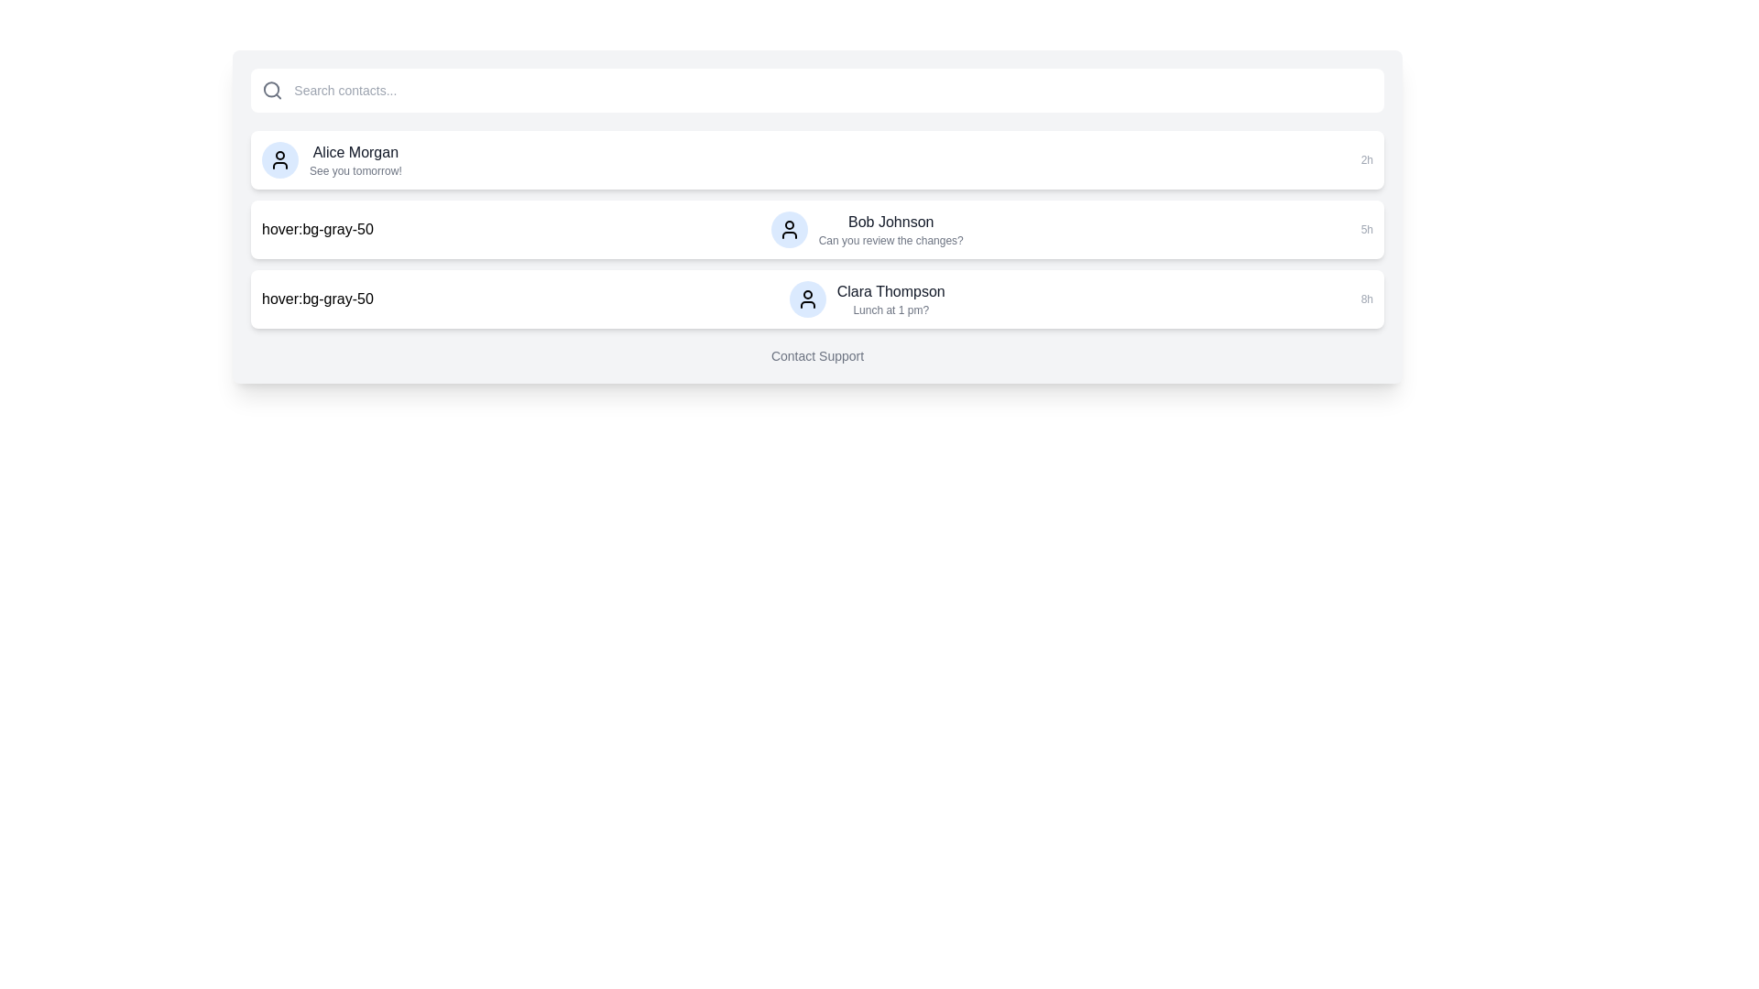  What do you see at coordinates (890, 239) in the screenshot?
I see `the text element displaying 'Can you review the changes?' which is located underneath the bold text 'Bob Johnson' in the second row of a list-like structure` at bounding box center [890, 239].